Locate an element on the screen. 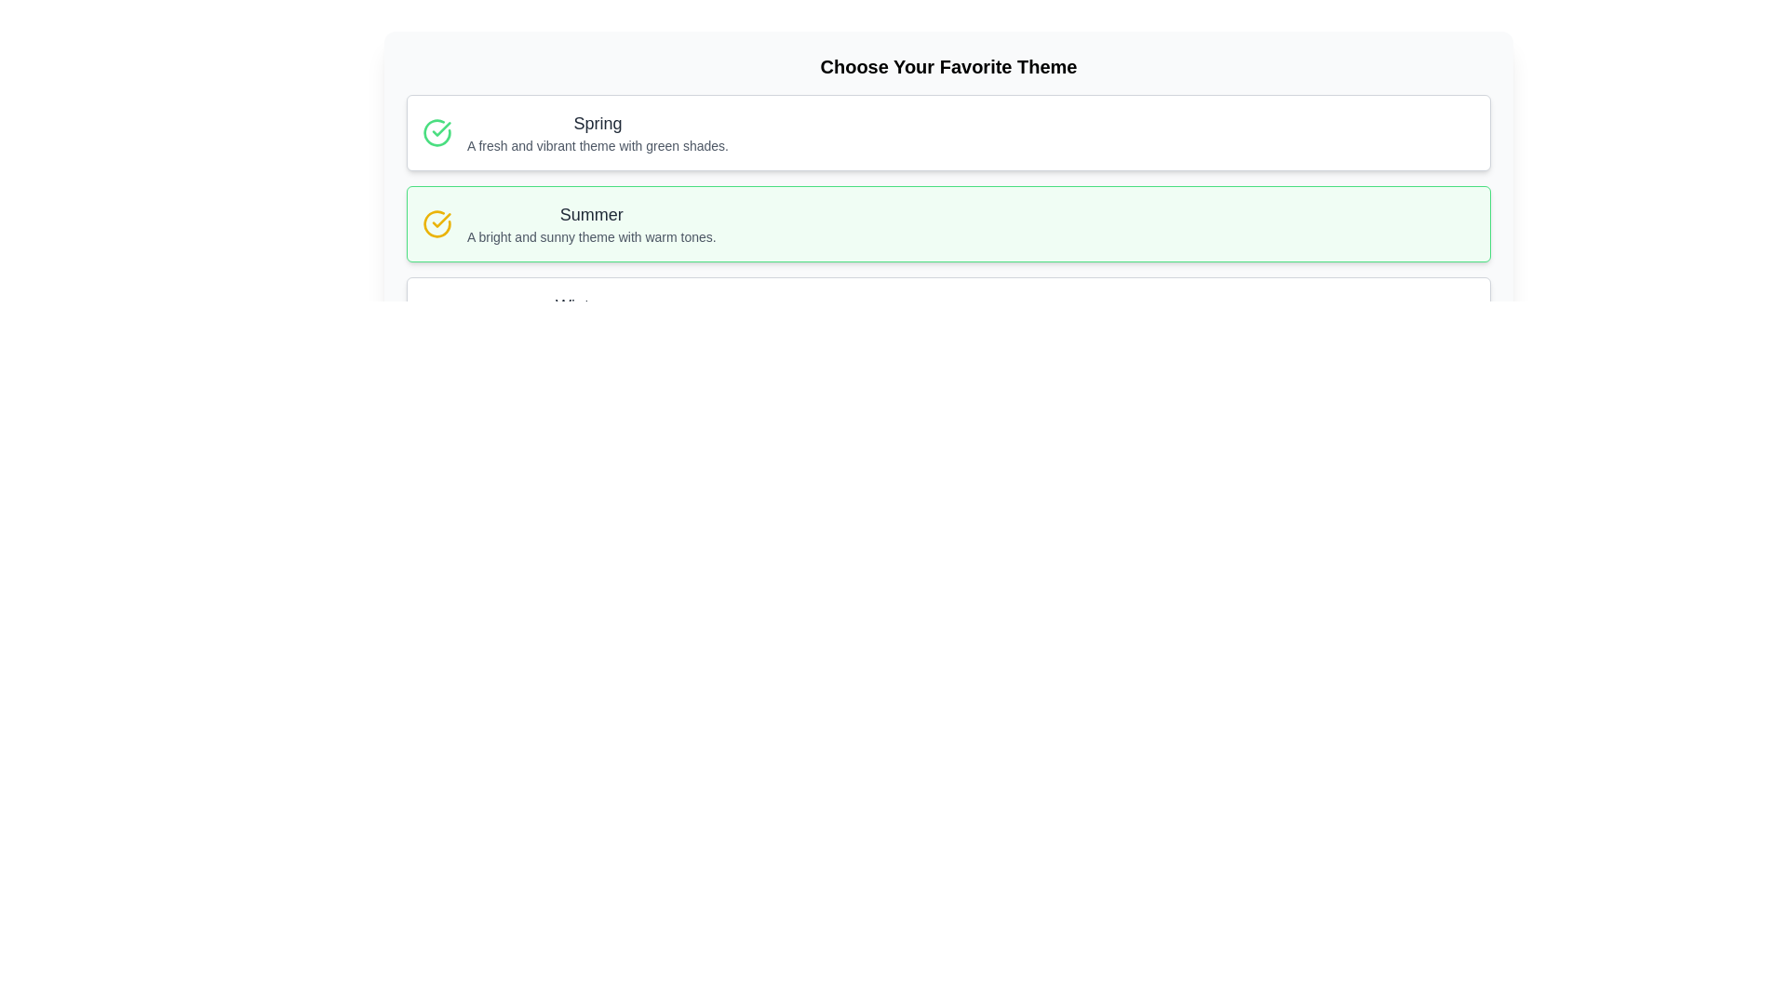 This screenshot has height=1005, width=1787. the checkmark icon that signifies the selection of the 'Summer' theme, indicating it is the currently chosen option is located at coordinates (440, 127).